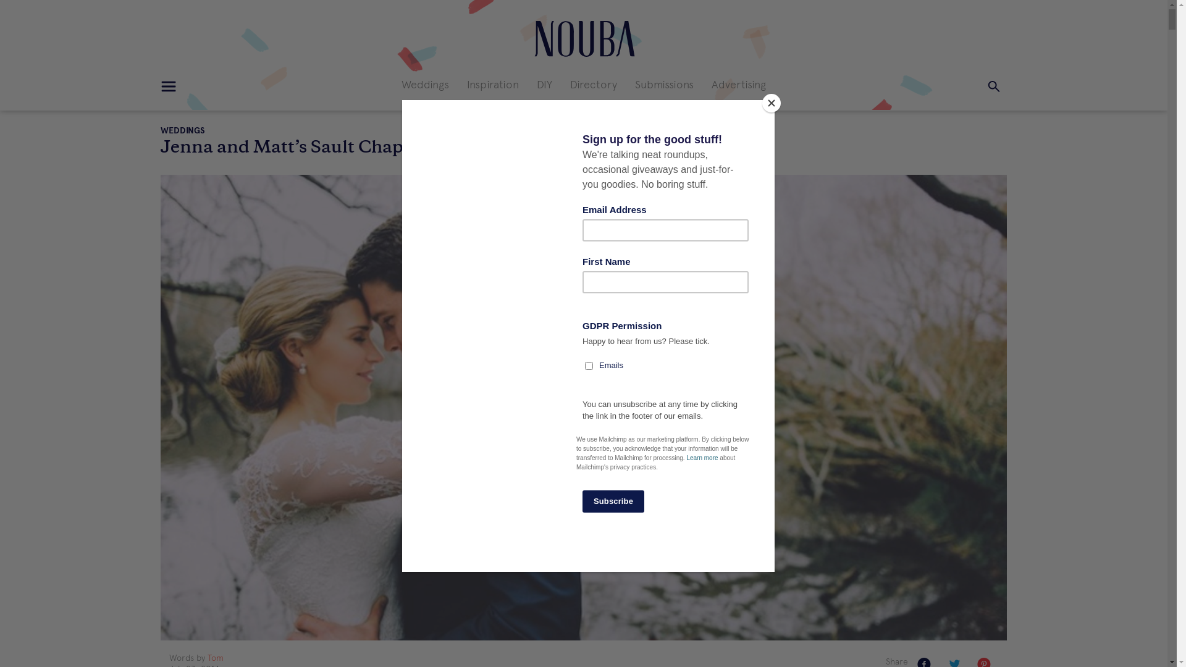 The width and height of the screenshot is (1186, 667). I want to click on 'Tom', so click(216, 657).